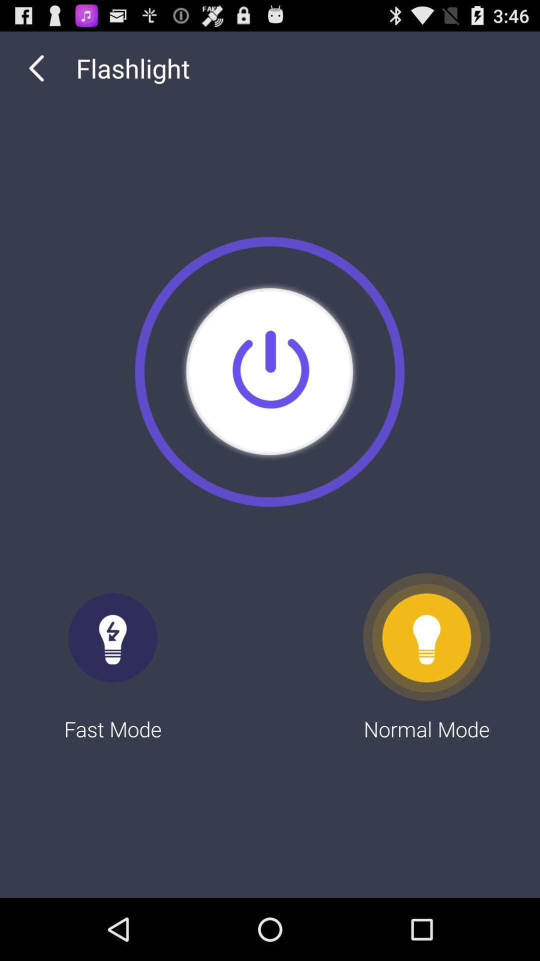  What do you see at coordinates (36, 68) in the screenshot?
I see `icon to the left of flashlight app` at bounding box center [36, 68].